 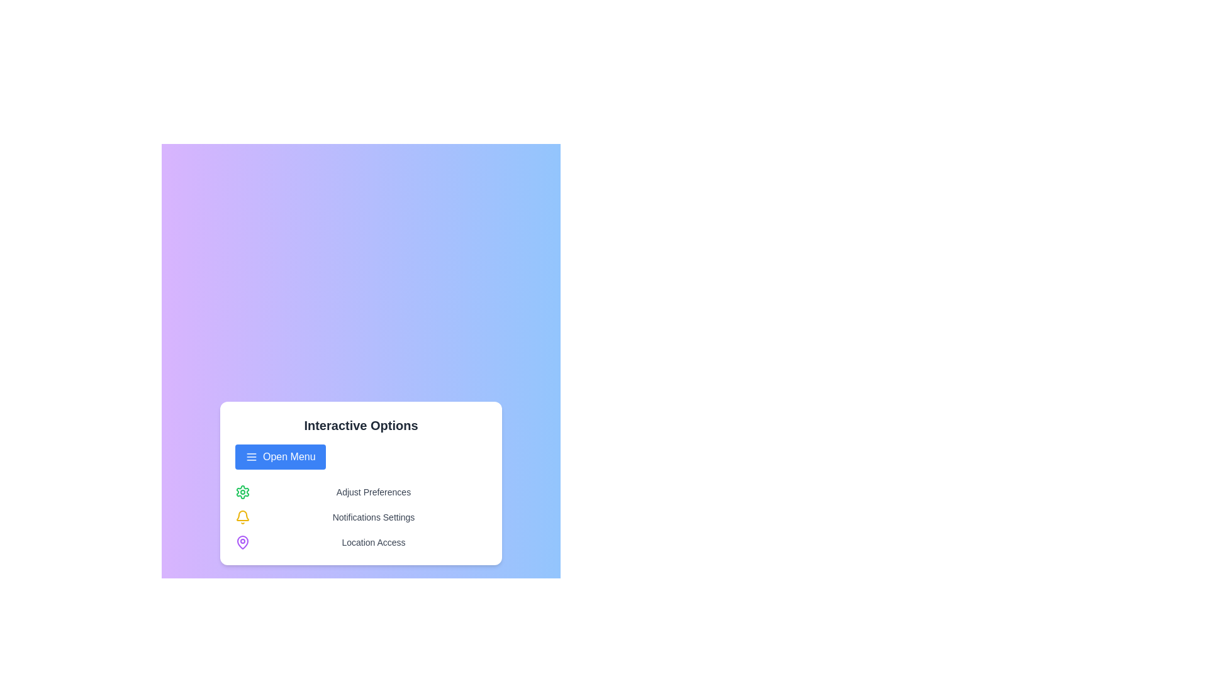 I want to click on the settings button that is the first entry in the list of preferences under 'Interactive Options', which contains an icon and text for adjusting user preferences, so click(x=361, y=492).